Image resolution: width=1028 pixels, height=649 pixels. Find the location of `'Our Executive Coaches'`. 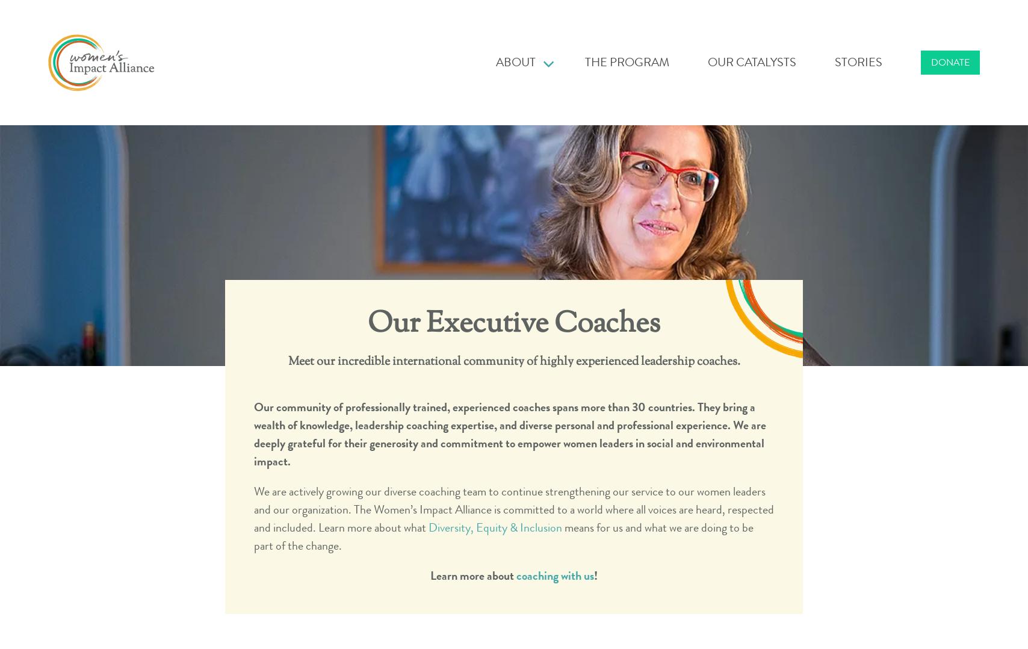

'Our Executive Coaches' is located at coordinates (514, 324).